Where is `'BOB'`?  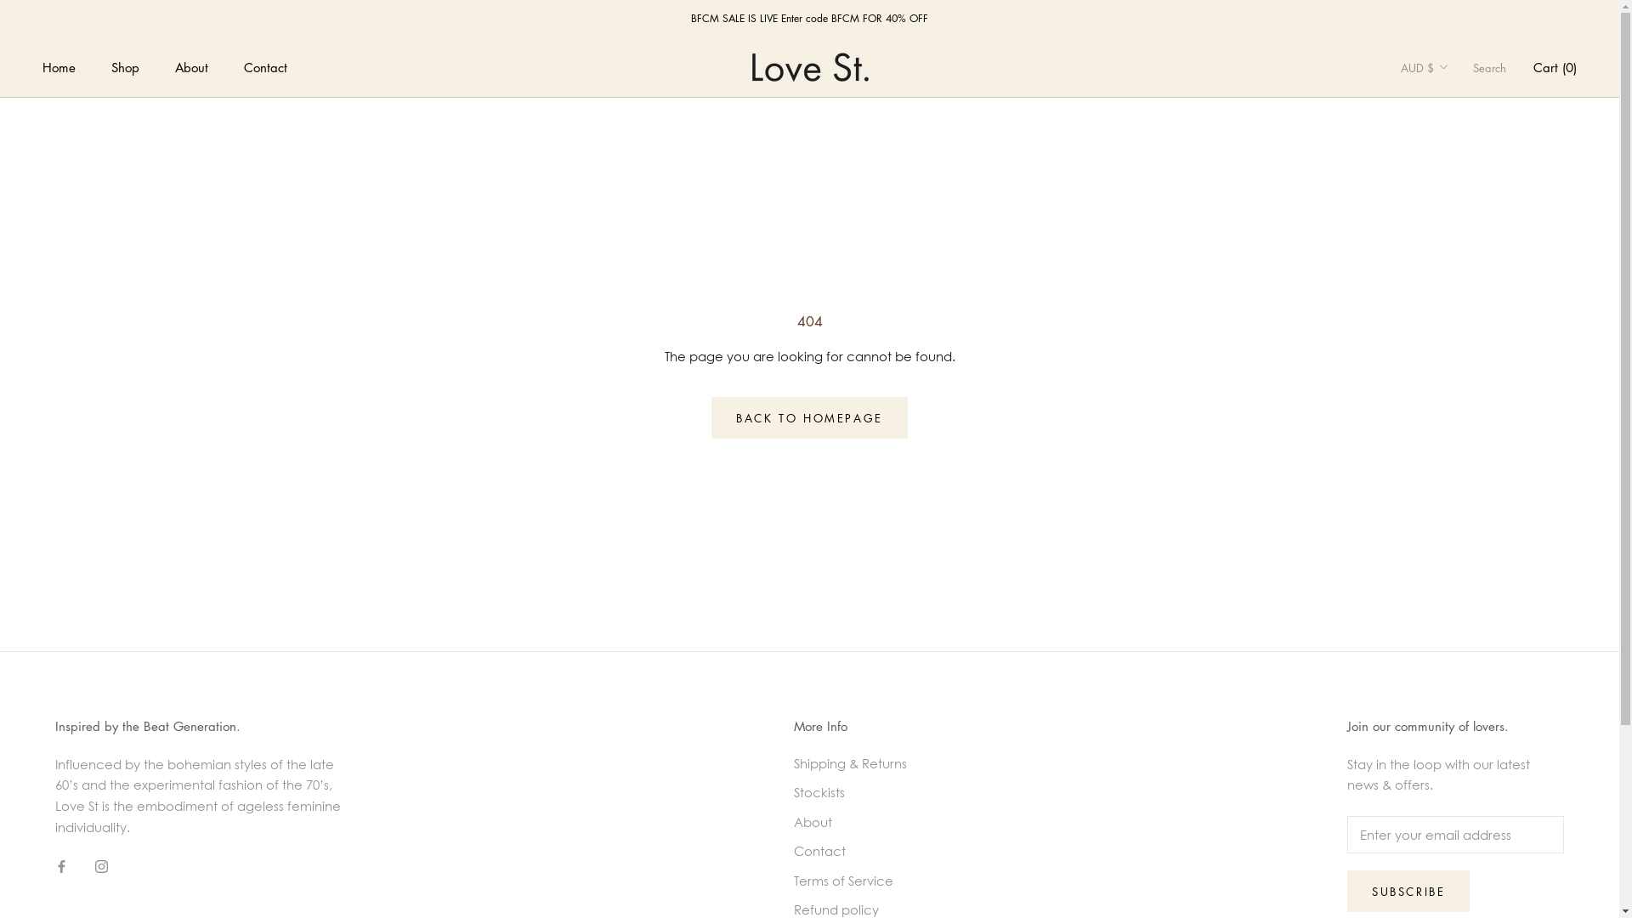 'BOB' is located at coordinates (1400, 480).